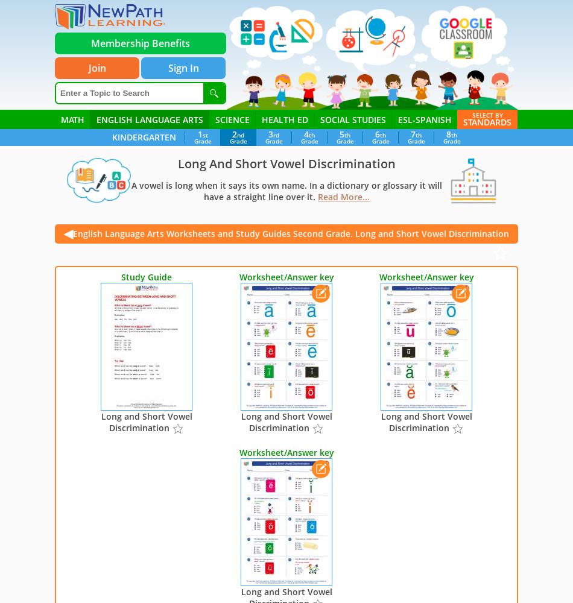  I want to click on '8', so click(448, 133).